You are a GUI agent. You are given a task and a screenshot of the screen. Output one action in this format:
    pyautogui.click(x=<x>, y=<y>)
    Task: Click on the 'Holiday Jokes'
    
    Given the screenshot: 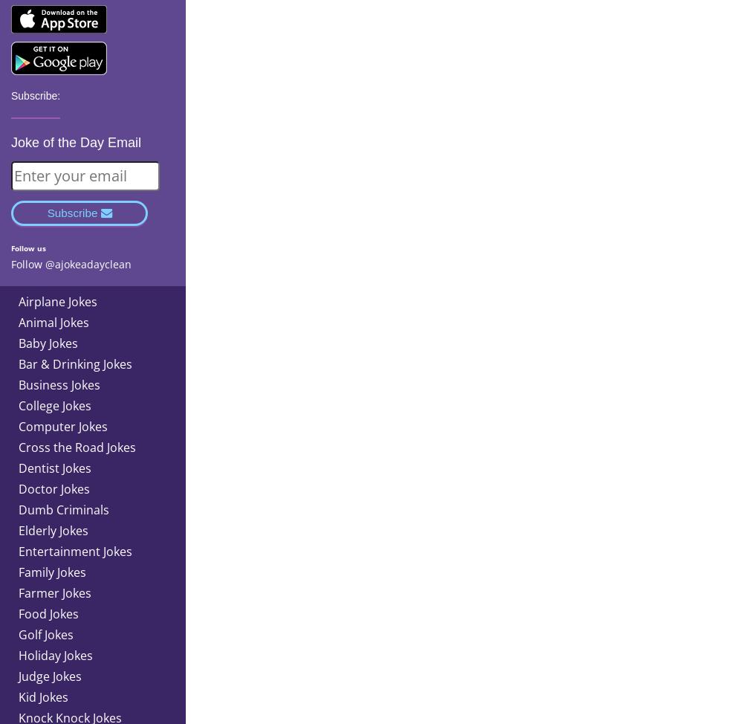 What is the action you would take?
    pyautogui.click(x=54, y=654)
    